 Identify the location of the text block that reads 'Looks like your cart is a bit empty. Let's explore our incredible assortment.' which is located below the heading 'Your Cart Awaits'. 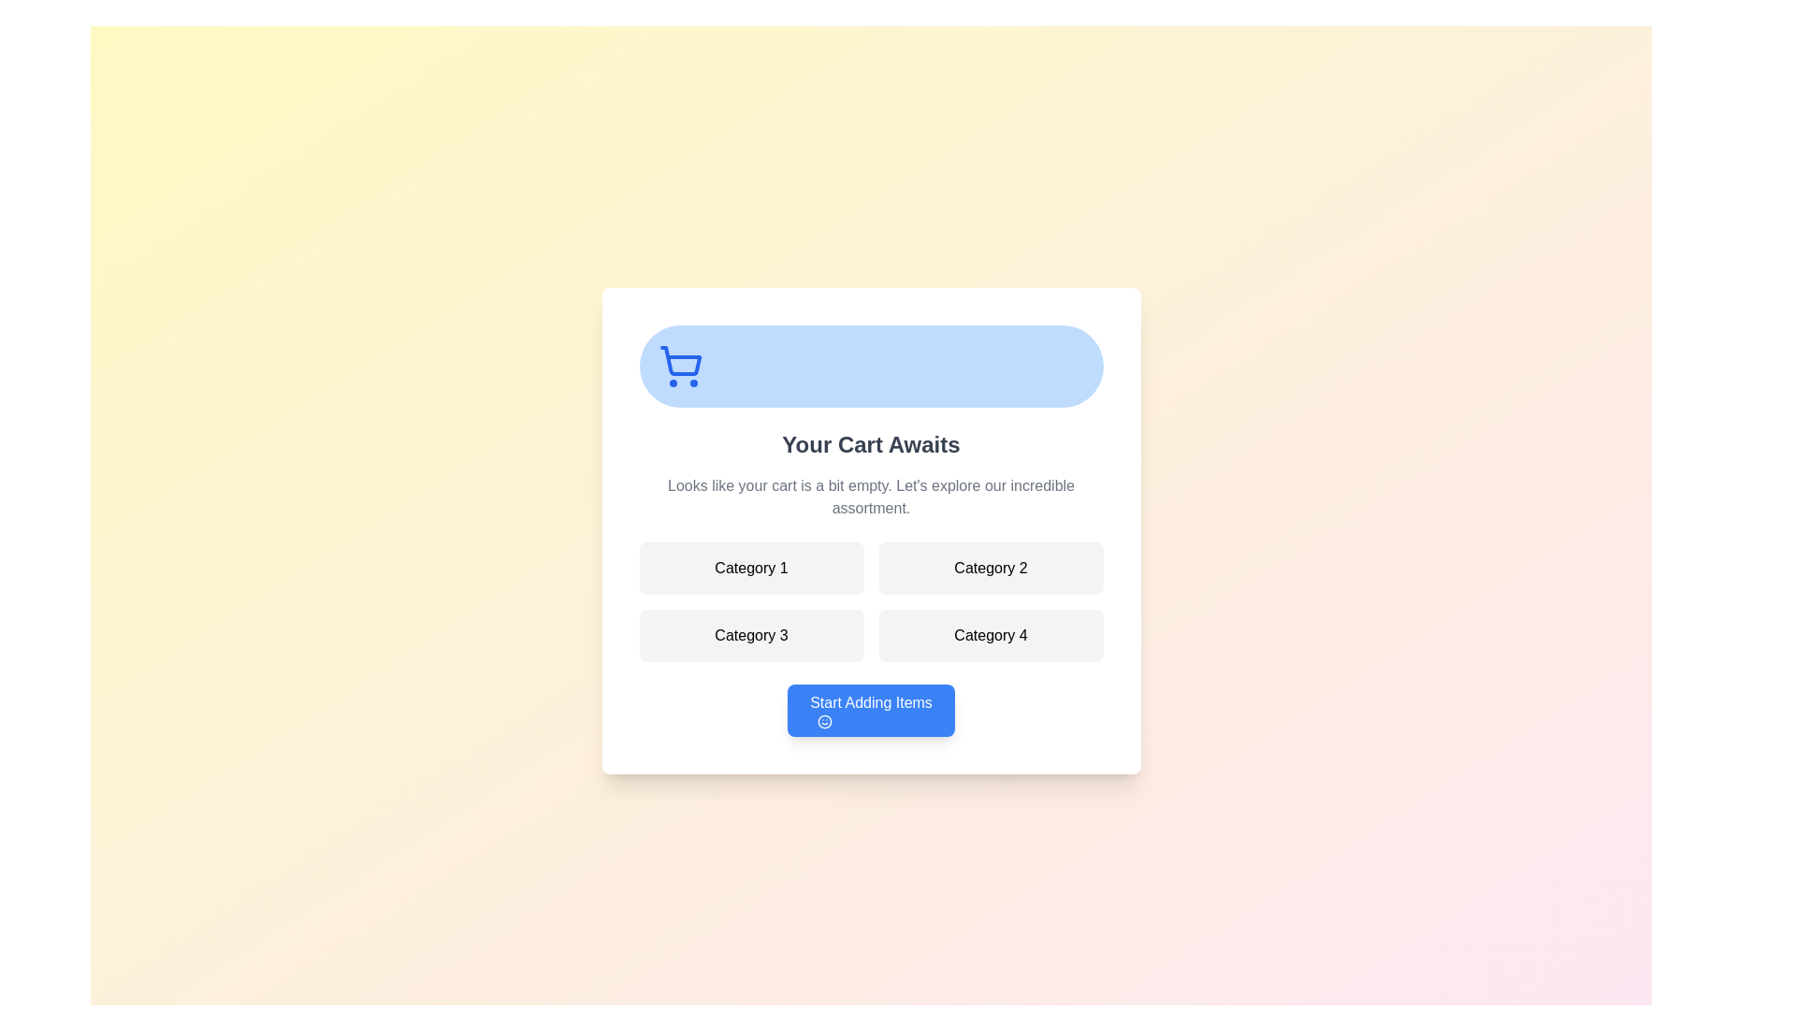
(870, 497).